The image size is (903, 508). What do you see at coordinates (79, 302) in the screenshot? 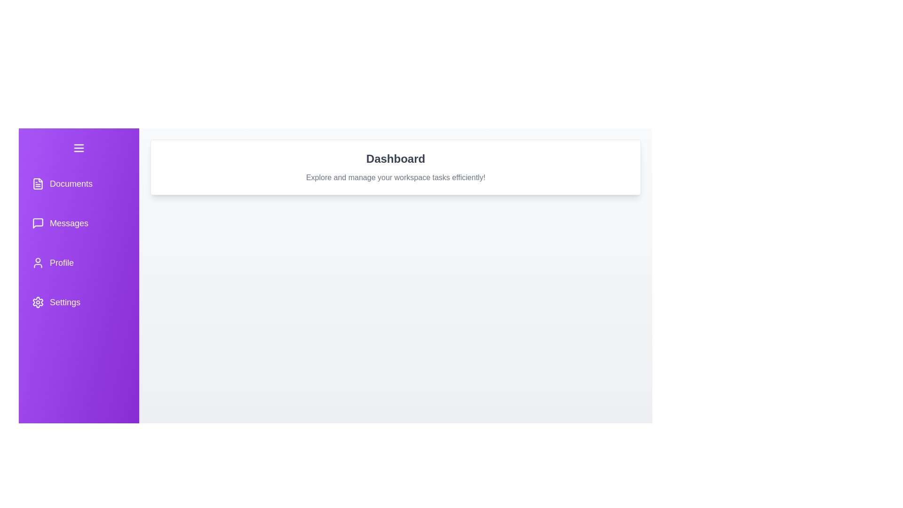
I see `the navigation button for Settings` at bounding box center [79, 302].